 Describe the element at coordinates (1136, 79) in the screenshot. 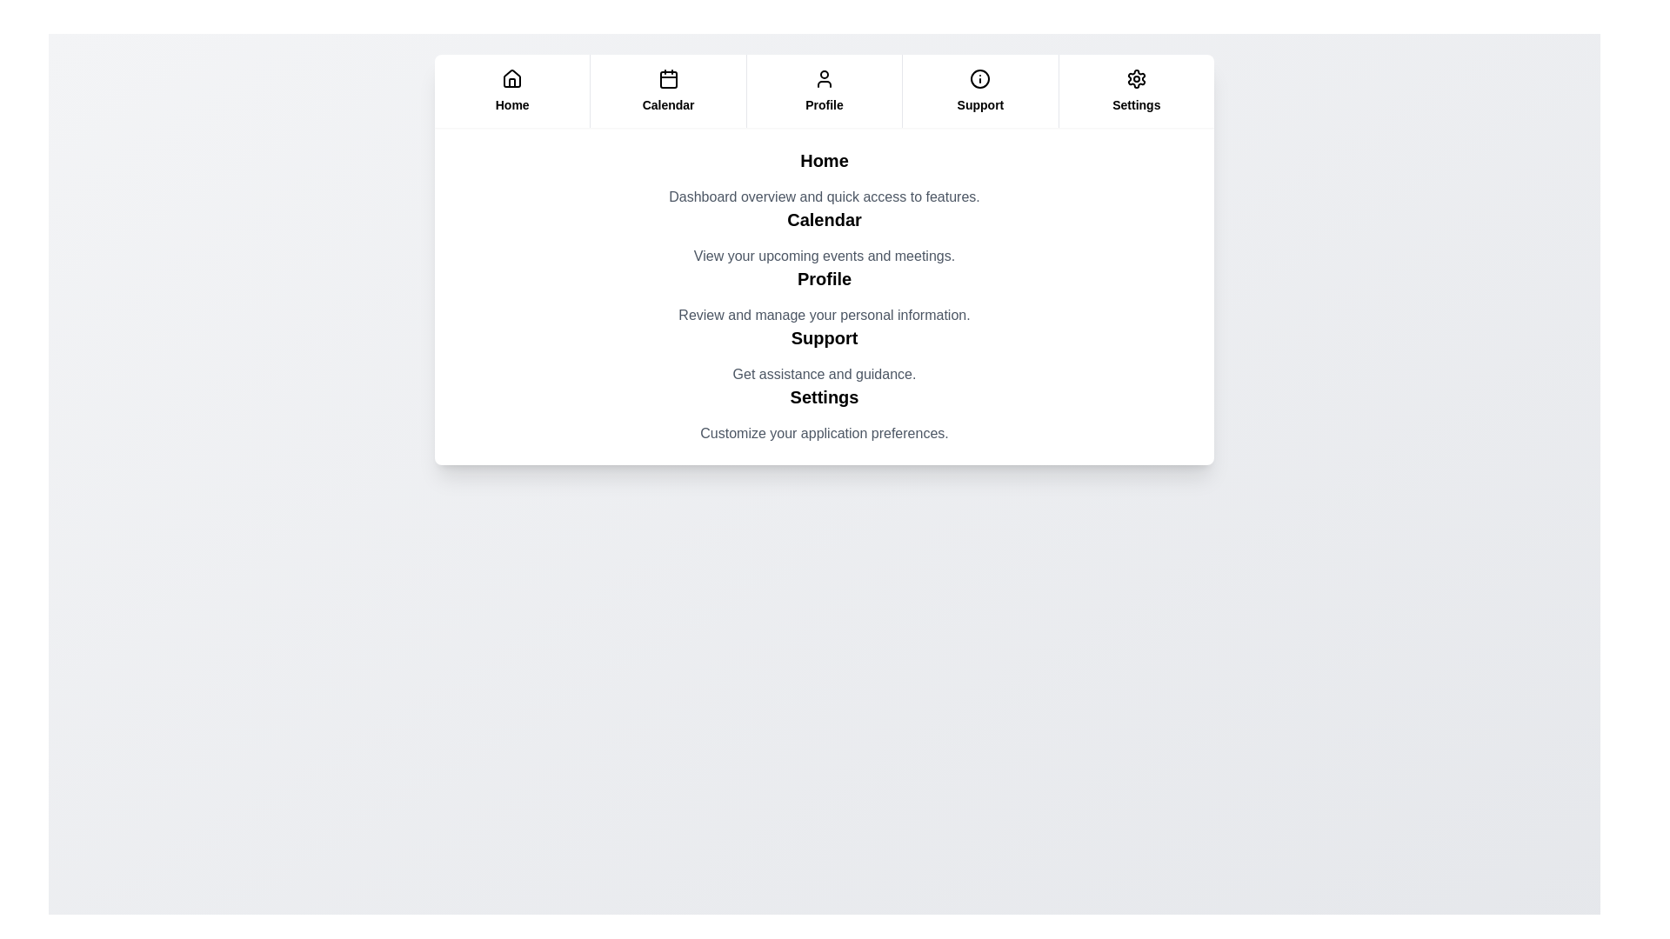

I see `the clickable settings icon located at the far-right of the navigation bar` at that location.